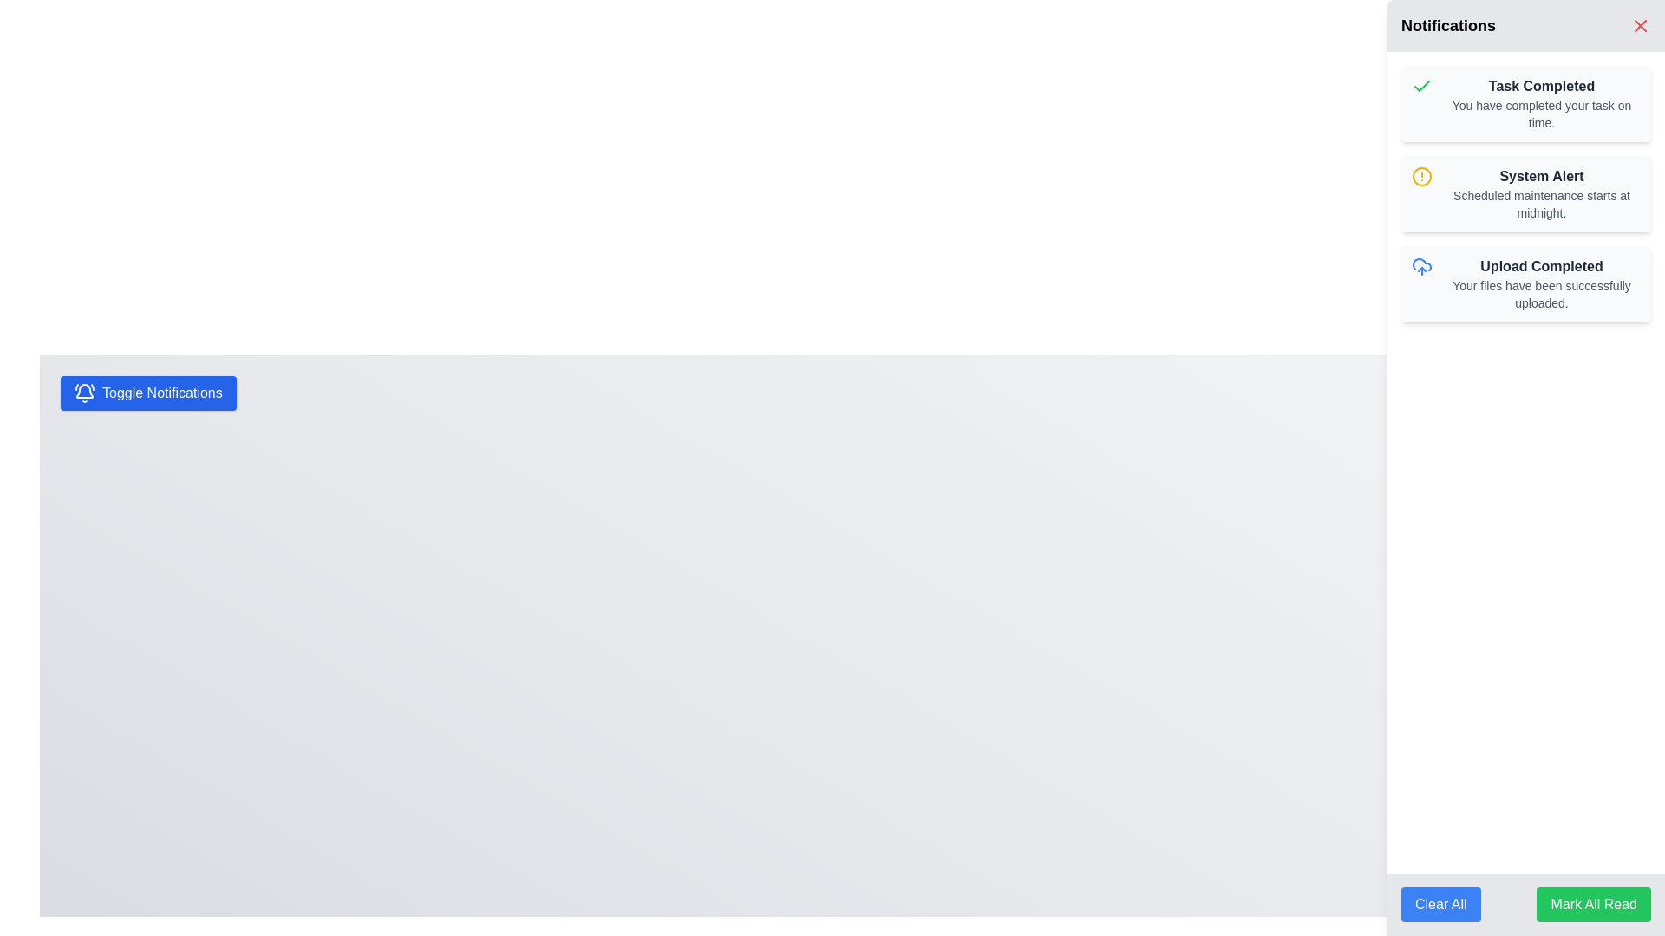 Image resolution: width=1665 pixels, height=936 pixels. I want to click on the second notification card labeled 'System Alert' in the Notifications panel to acknowledge or interact with it, so click(1541, 193).